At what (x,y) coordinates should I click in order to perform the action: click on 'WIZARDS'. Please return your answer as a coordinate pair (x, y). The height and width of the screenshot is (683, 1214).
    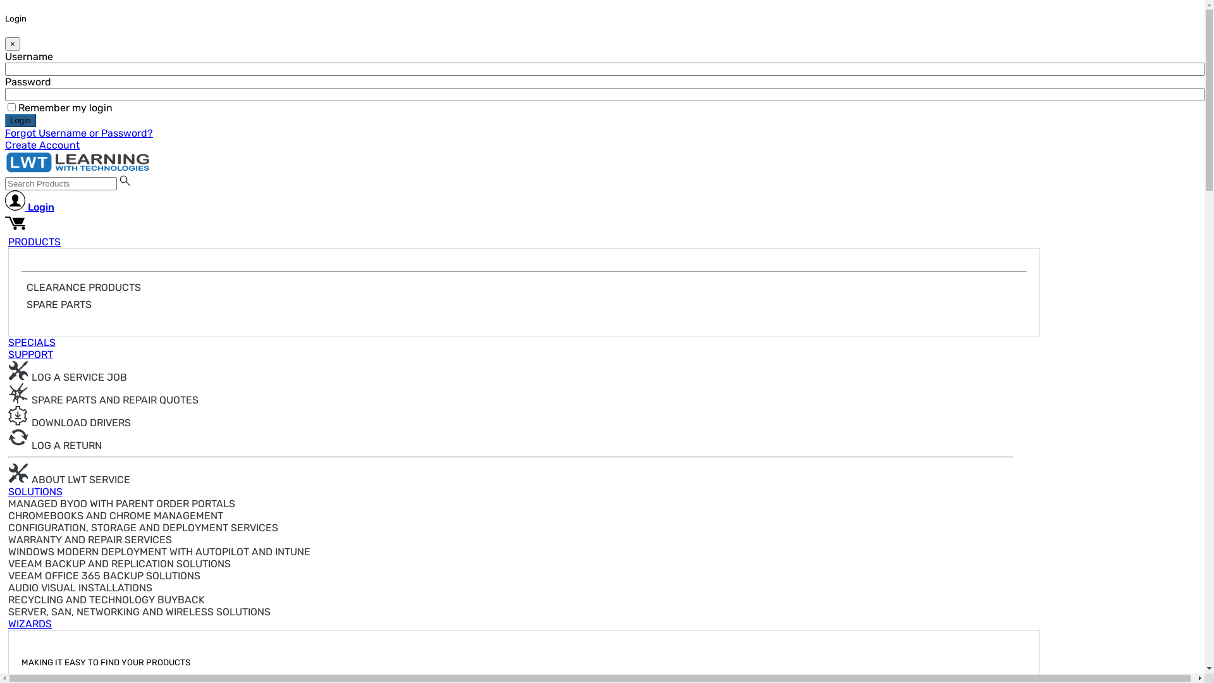
    Looking at the image, I should click on (30, 623).